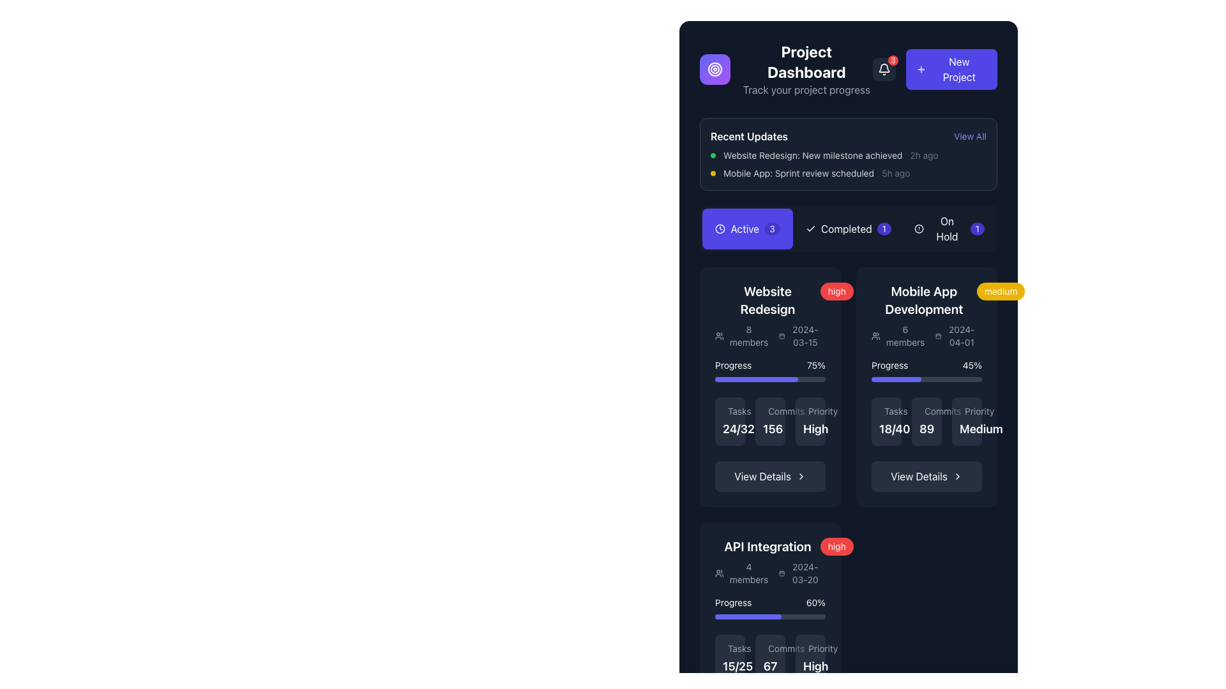 This screenshot has height=689, width=1226. I want to click on the static text label displaying 'High' in the 'Priority' field of the 'API Integration' card located at the bottom-right section of the grouping, so click(810, 659).